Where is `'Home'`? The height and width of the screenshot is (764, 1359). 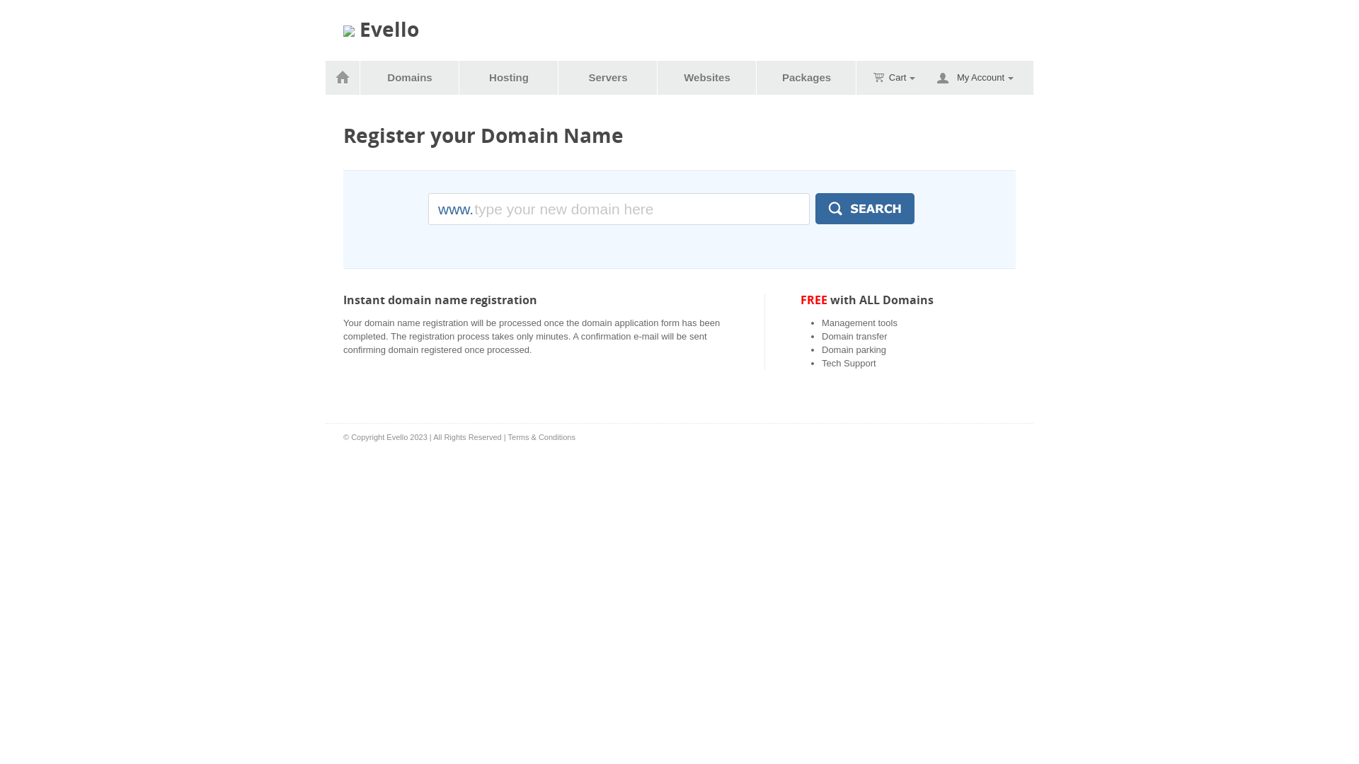
'Home' is located at coordinates (343, 78).